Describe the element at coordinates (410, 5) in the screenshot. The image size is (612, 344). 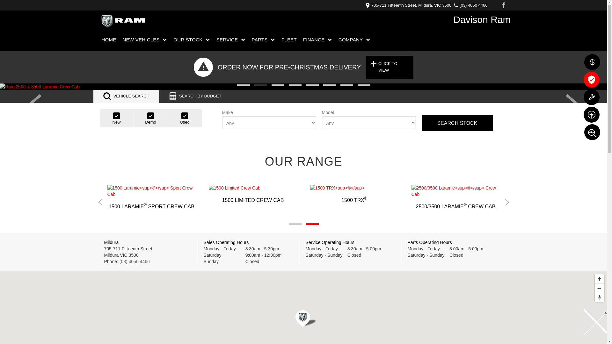
I see `'705-711 Fifteenth Street, Mildura, VIC 3500'` at that location.